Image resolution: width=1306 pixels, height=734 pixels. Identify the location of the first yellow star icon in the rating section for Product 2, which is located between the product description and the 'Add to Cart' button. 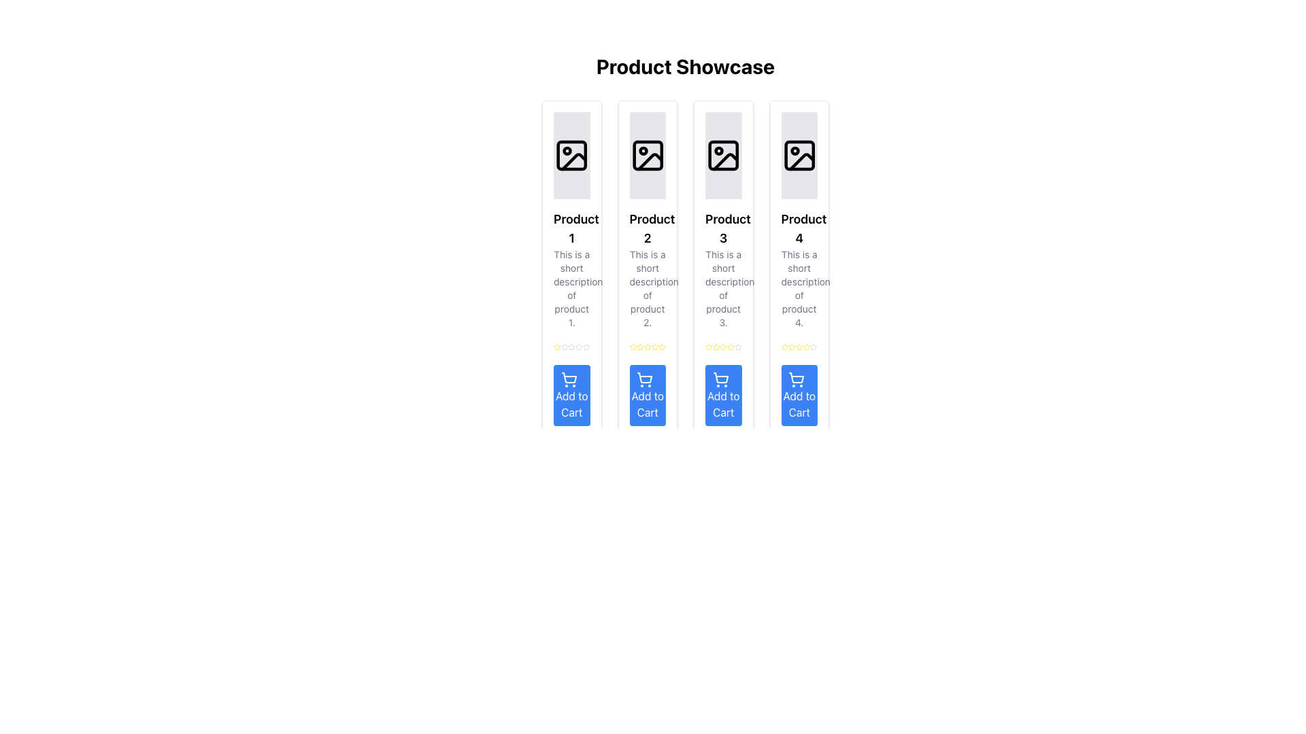
(654, 346).